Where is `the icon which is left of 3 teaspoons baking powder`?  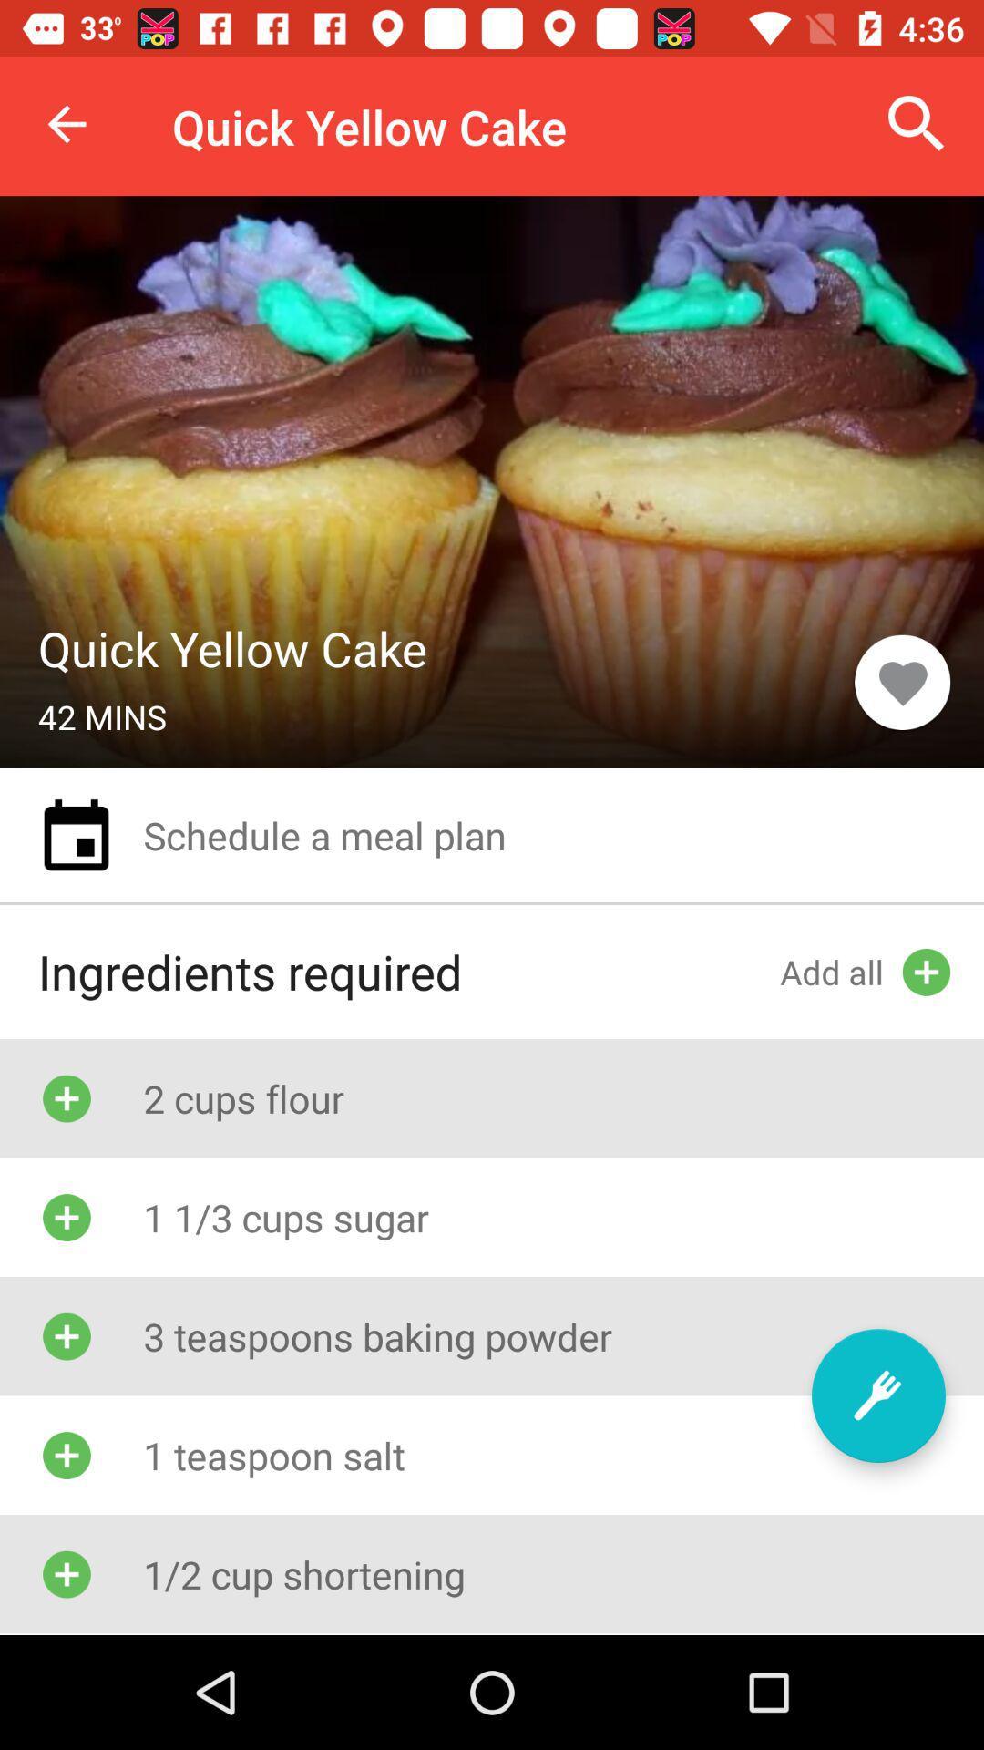 the icon which is left of 3 teaspoons baking powder is located at coordinates (66, 1336).